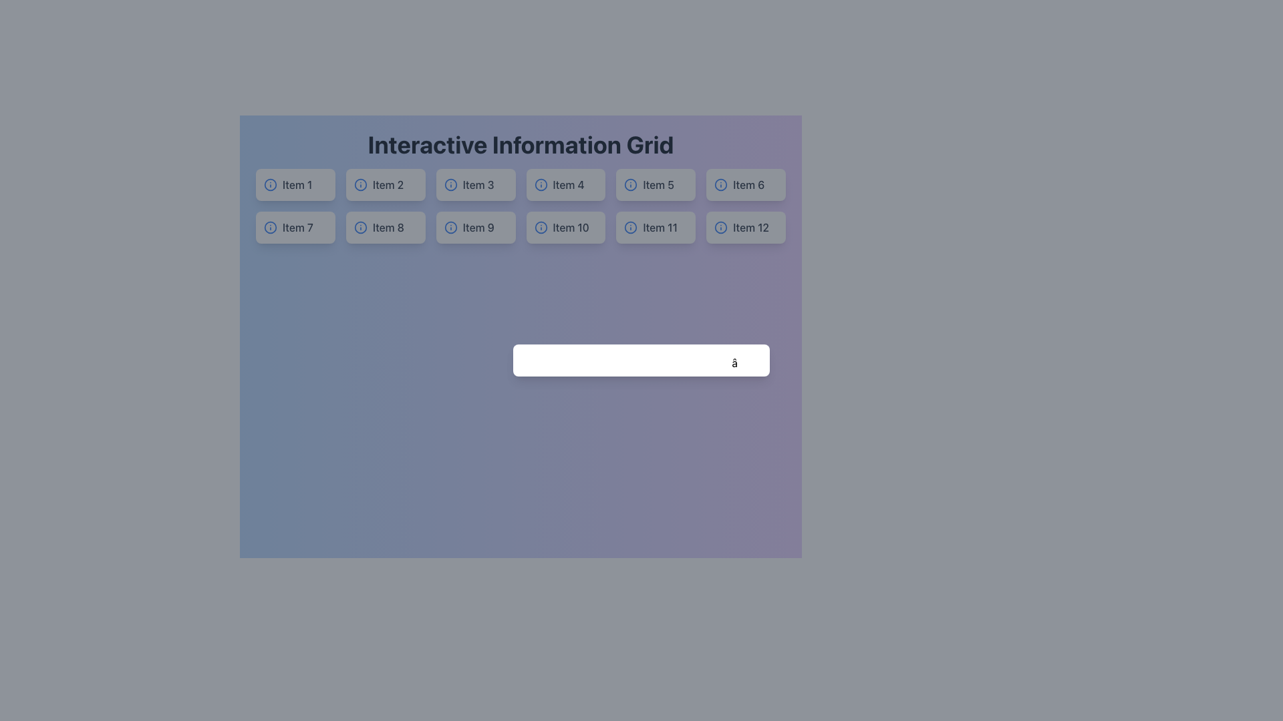 The height and width of the screenshot is (721, 1283). What do you see at coordinates (656, 185) in the screenshot?
I see `the Grid Item in the first row, fifth column, which is associated with 'Item 5'` at bounding box center [656, 185].